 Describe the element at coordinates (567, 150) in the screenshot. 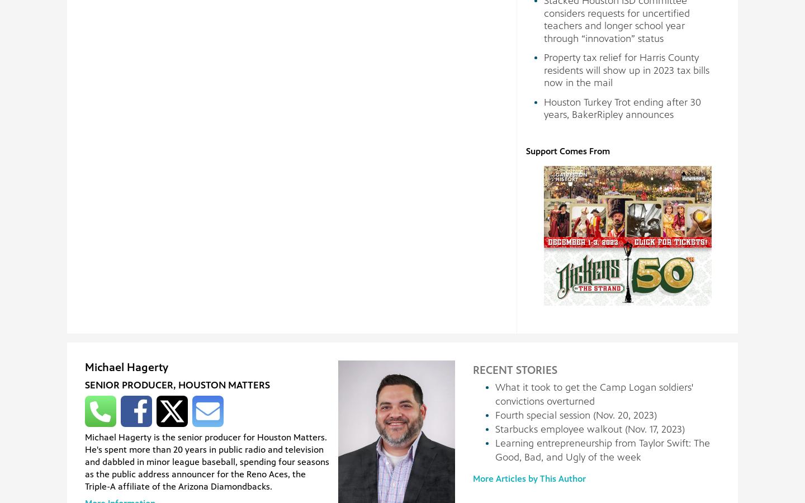

I see `'Support Comes From'` at that location.